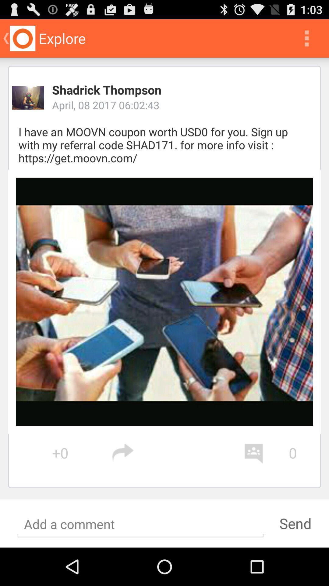 Image resolution: width=329 pixels, height=586 pixels. Describe the element at coordinates (178, 453) in the screenshot. I see `item above the no activity! app` at that location.